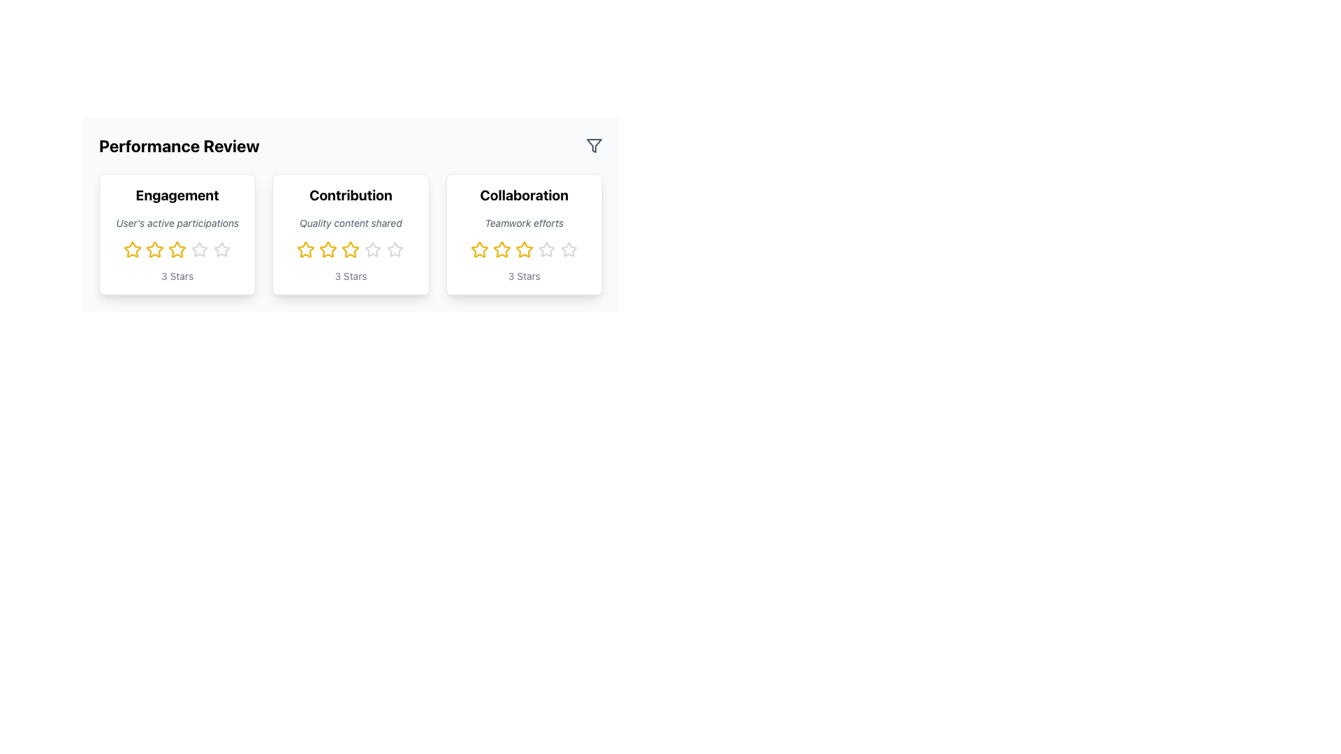 Image resolution: width=1341 pixels, height=754 pixels. Describe the element at coordinates (594, 145) in the screenshot. I see `the filtering SVG icon located in the top-right corner of the 'Performance Review' header` at that location.